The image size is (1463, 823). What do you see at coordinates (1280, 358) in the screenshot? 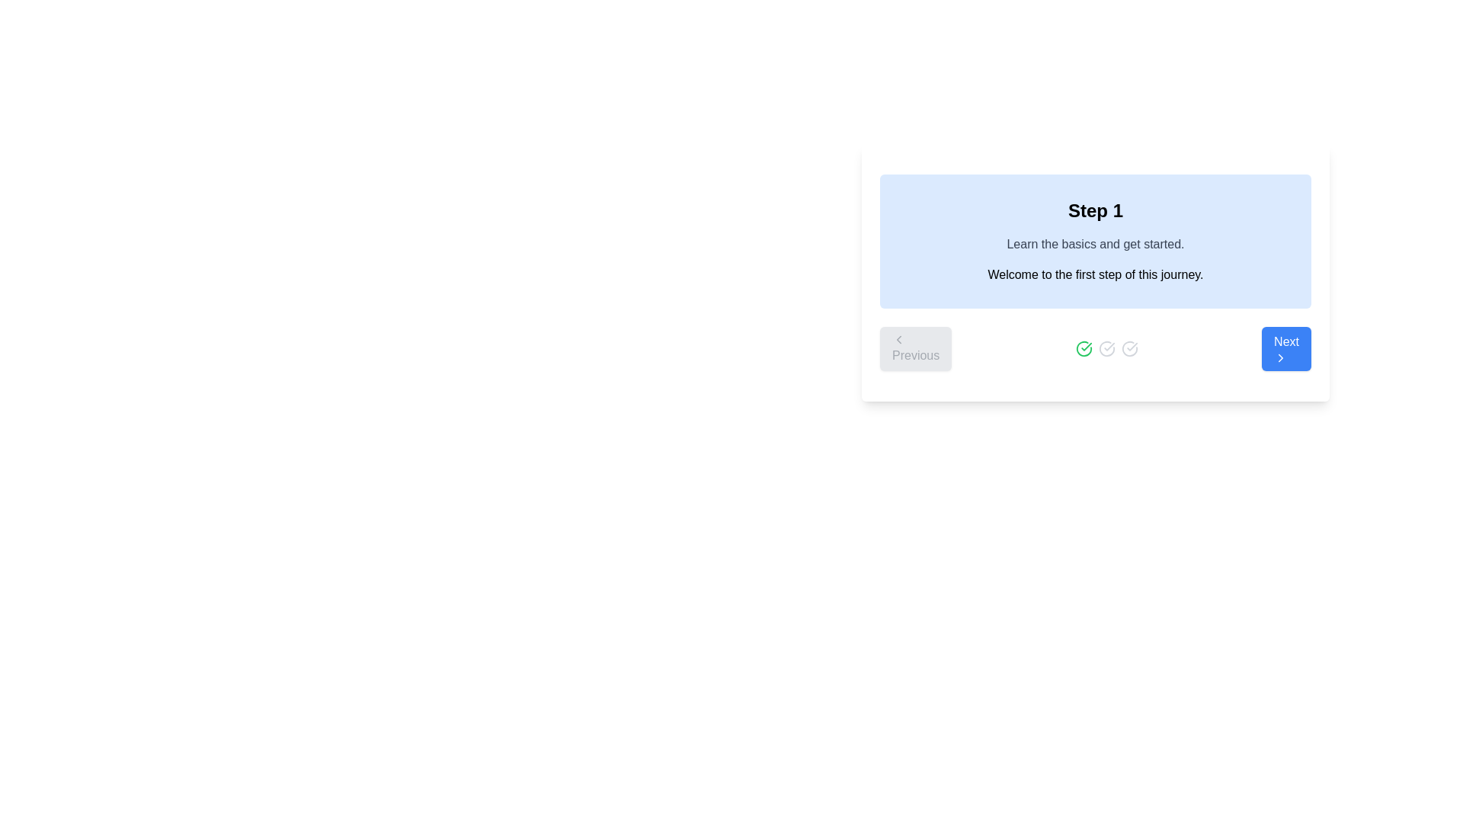
I see `the design of the Chevron Arrow icon located at the bottom-right corner of the interface, which serves as a visual cue for progression in the 'Next' button` at bounding box center [1280, 358].